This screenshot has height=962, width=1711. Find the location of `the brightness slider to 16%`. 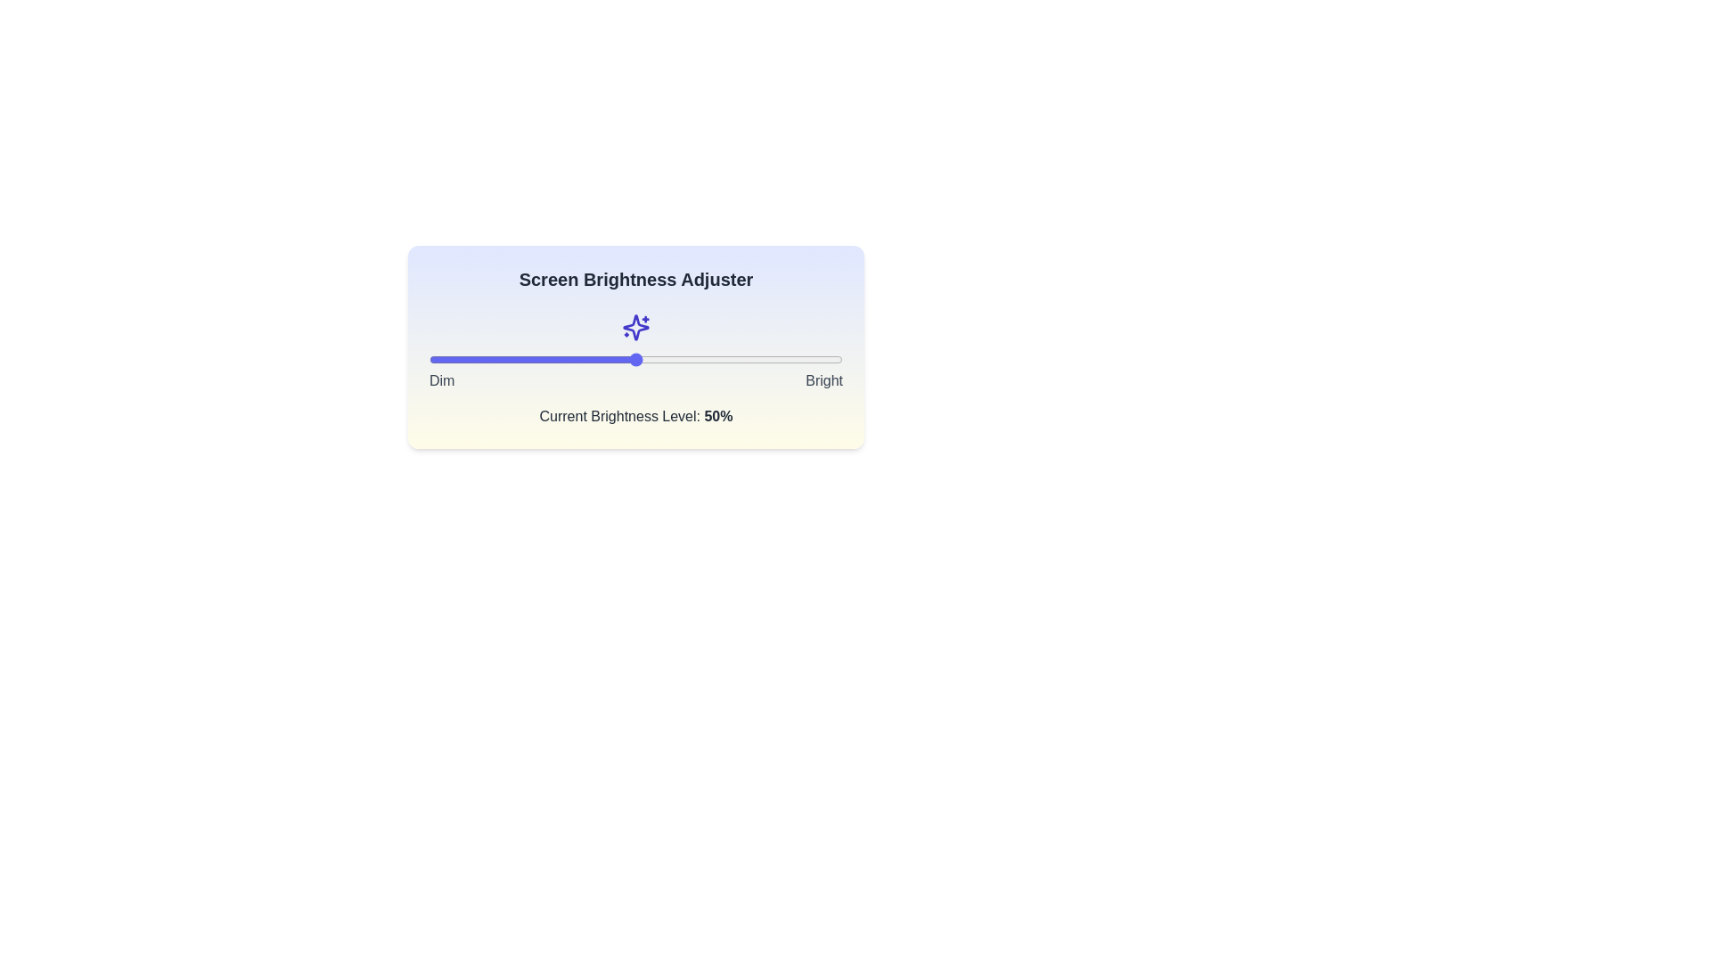

the brightness slider to 16% is located at coordinates (495, 360).